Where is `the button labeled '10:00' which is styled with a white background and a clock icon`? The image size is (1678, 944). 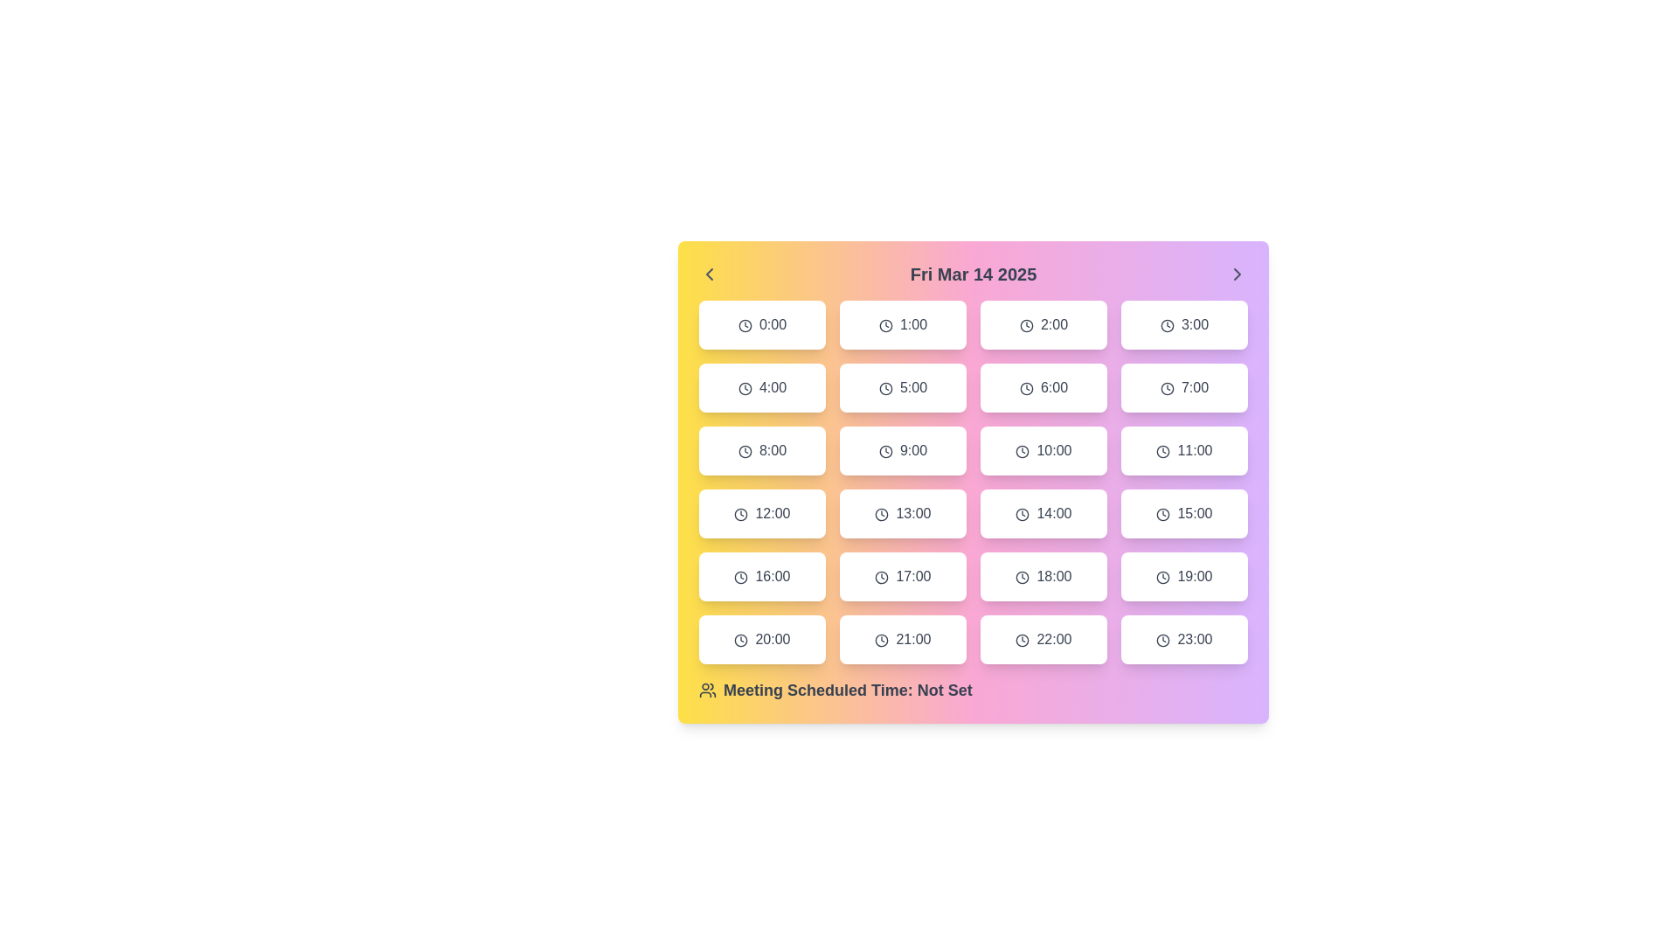 the button labeled '10:00' which is styled with a white background and a clock icon is located at coordinates (1044, 450).